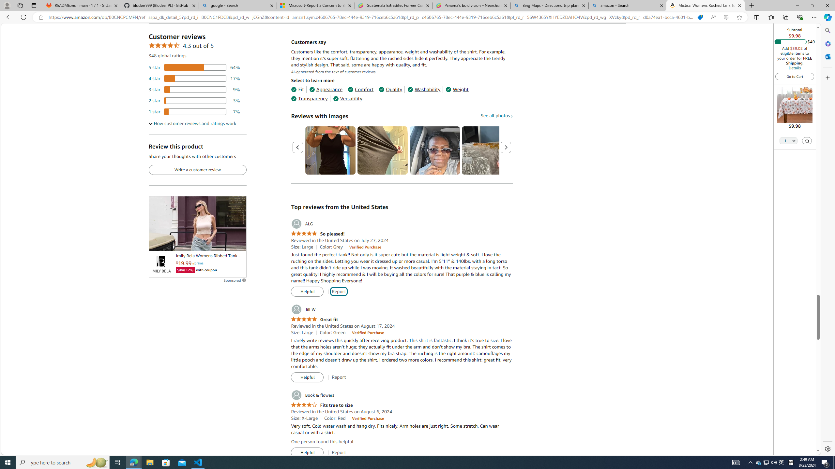  I want to click on '9 percent of reviews have 3 stars', so click(194, 90).